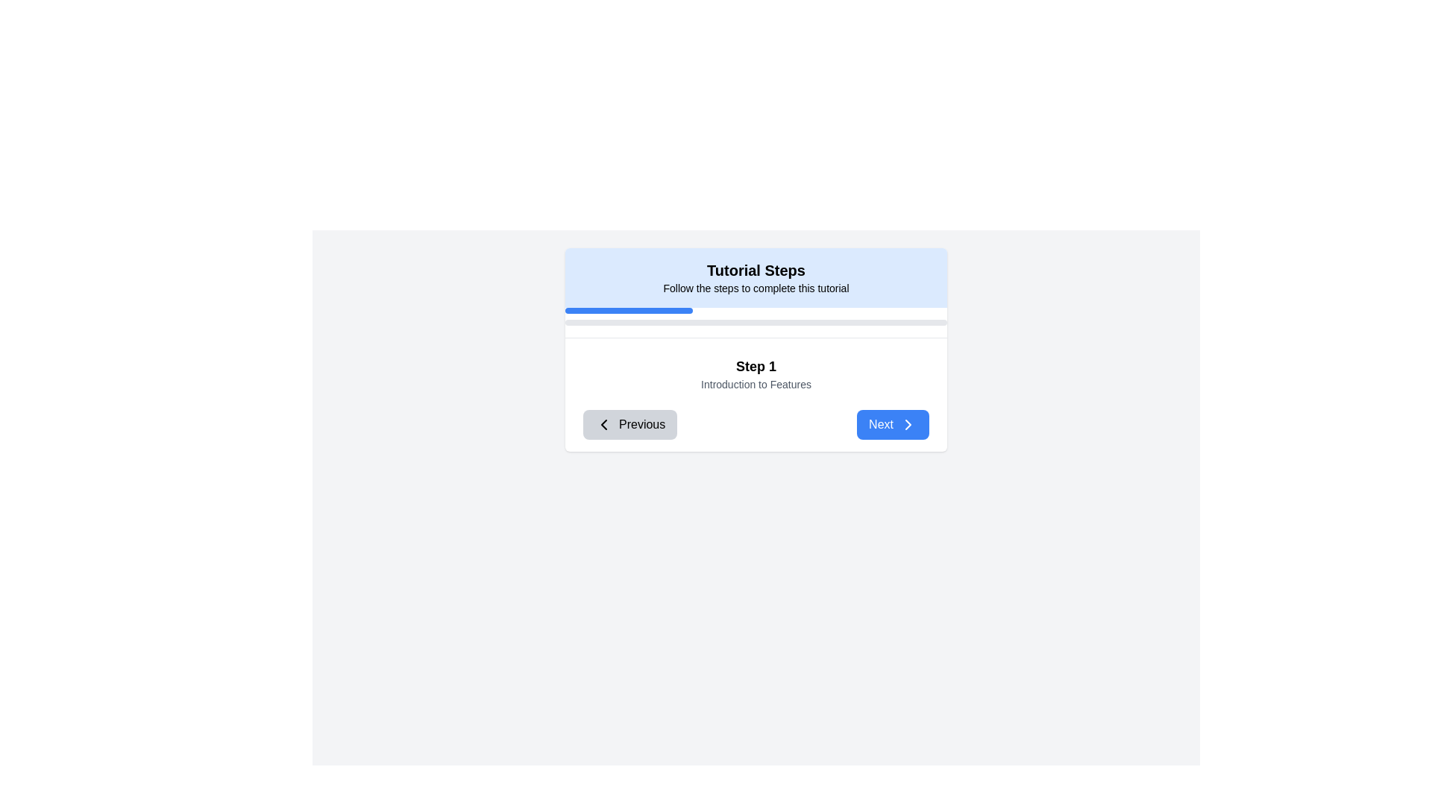 The image size is (1432, 805). What do you see at coordinates (756, 321) in the screenshot?
I see `the progress indicator (progress bar) located within the 'Tutorial Steps' card, which has a light gray background and a blue progress fill on the left side` at bounding box center [756, 321].